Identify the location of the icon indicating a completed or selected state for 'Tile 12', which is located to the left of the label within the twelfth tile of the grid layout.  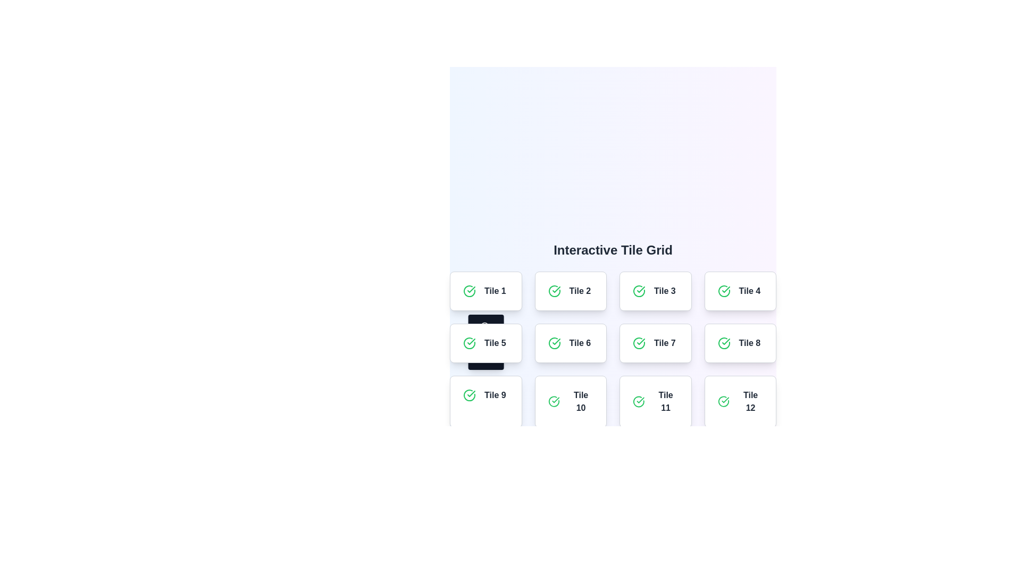
(723, 402).